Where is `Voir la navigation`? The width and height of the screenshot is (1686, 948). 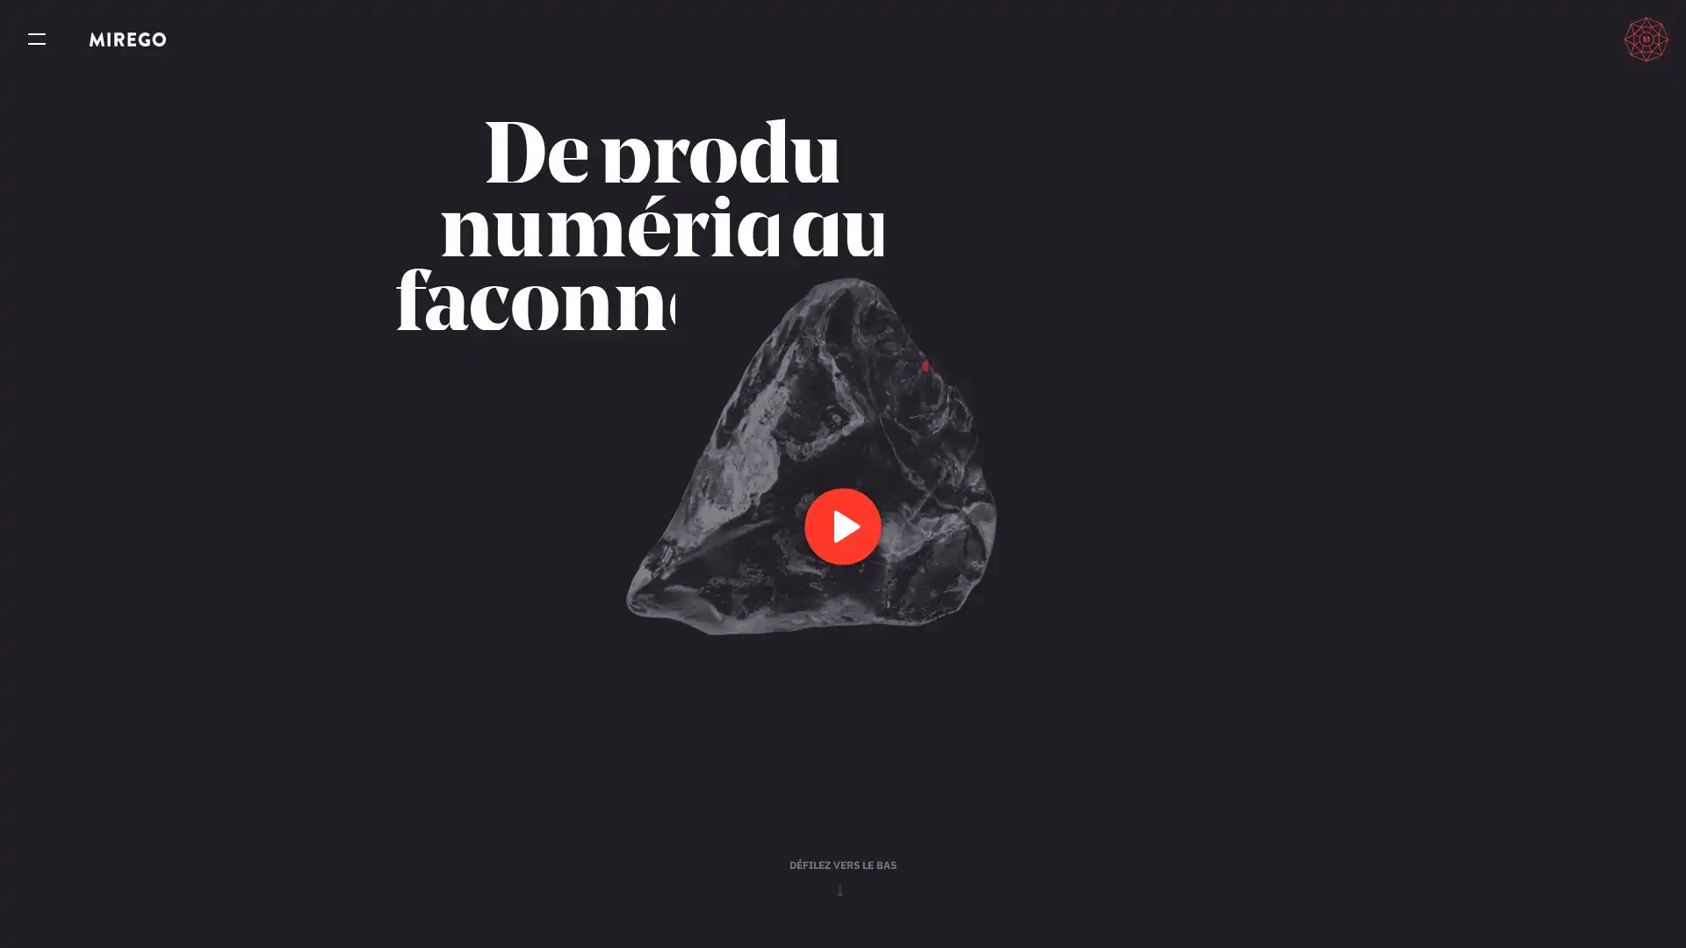
Voir la navigation is located at coordinates (37, 39).